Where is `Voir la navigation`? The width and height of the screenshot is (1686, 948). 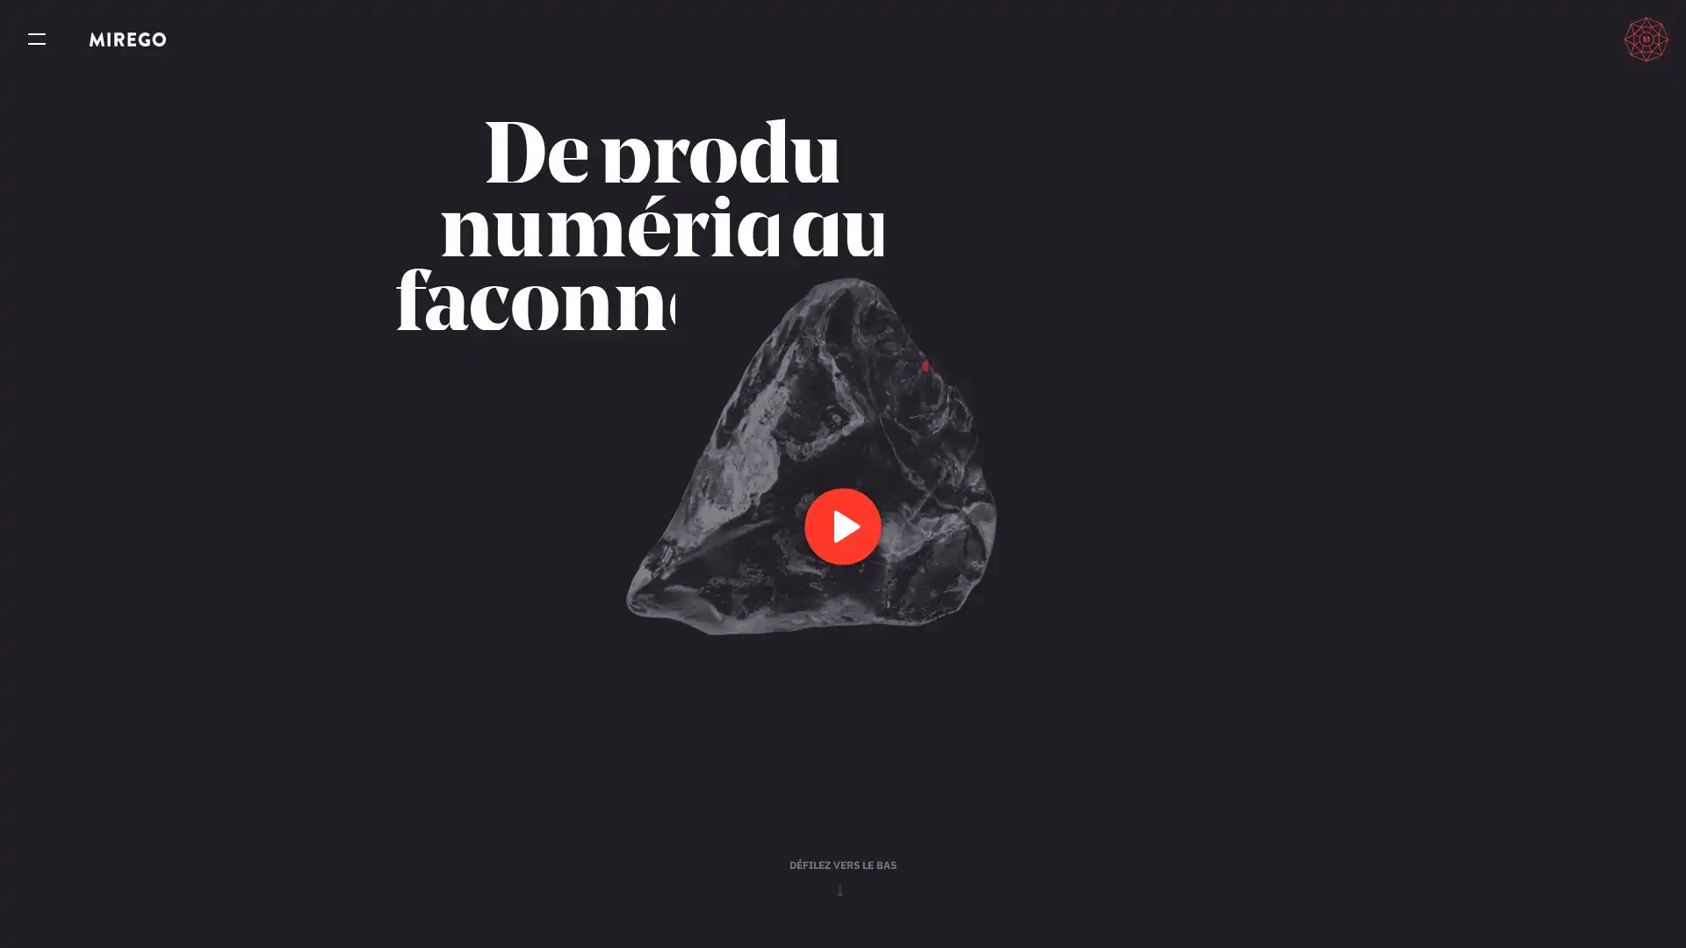
Voir la navigation is located at coordinates (37, 39).